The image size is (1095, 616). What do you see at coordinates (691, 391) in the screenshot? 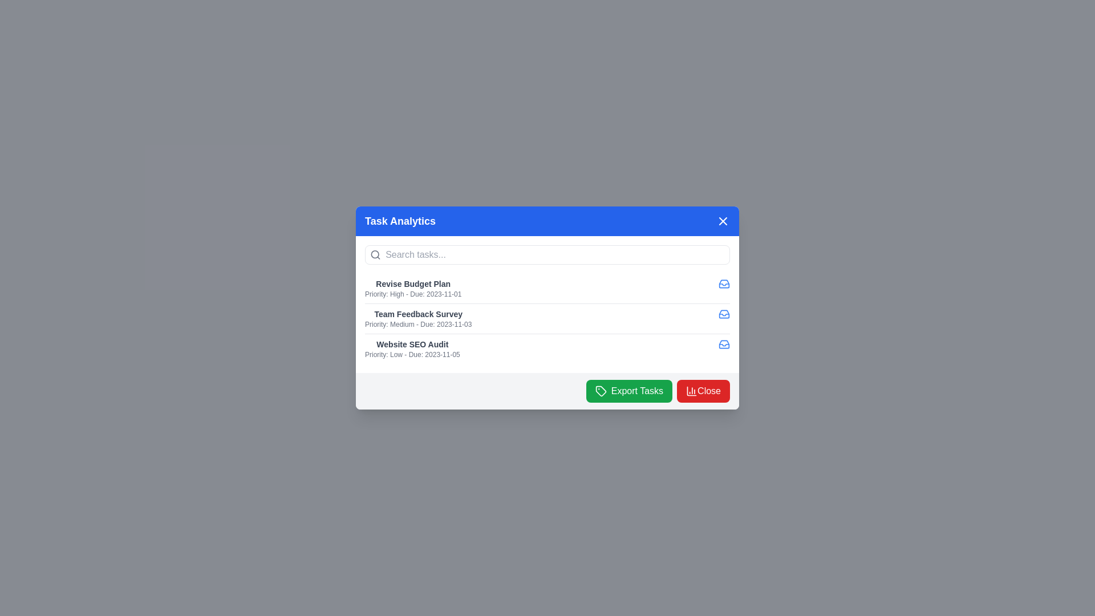
I see `the 'Close' button icon located at the bottom right corner of the modal, specifically to the left of the text 'Close'` at bounding box center [691, 391].